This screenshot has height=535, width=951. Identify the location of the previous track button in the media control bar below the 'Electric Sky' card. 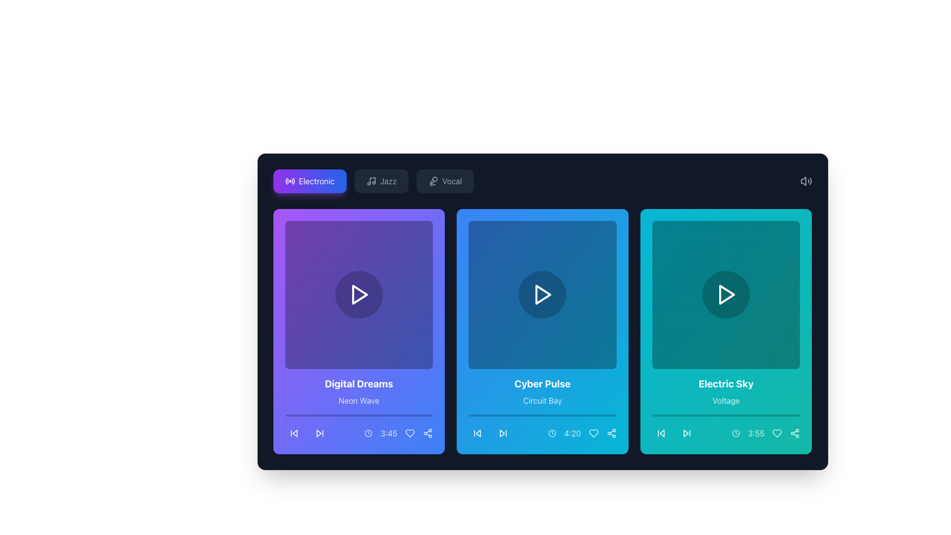
(661, 432).